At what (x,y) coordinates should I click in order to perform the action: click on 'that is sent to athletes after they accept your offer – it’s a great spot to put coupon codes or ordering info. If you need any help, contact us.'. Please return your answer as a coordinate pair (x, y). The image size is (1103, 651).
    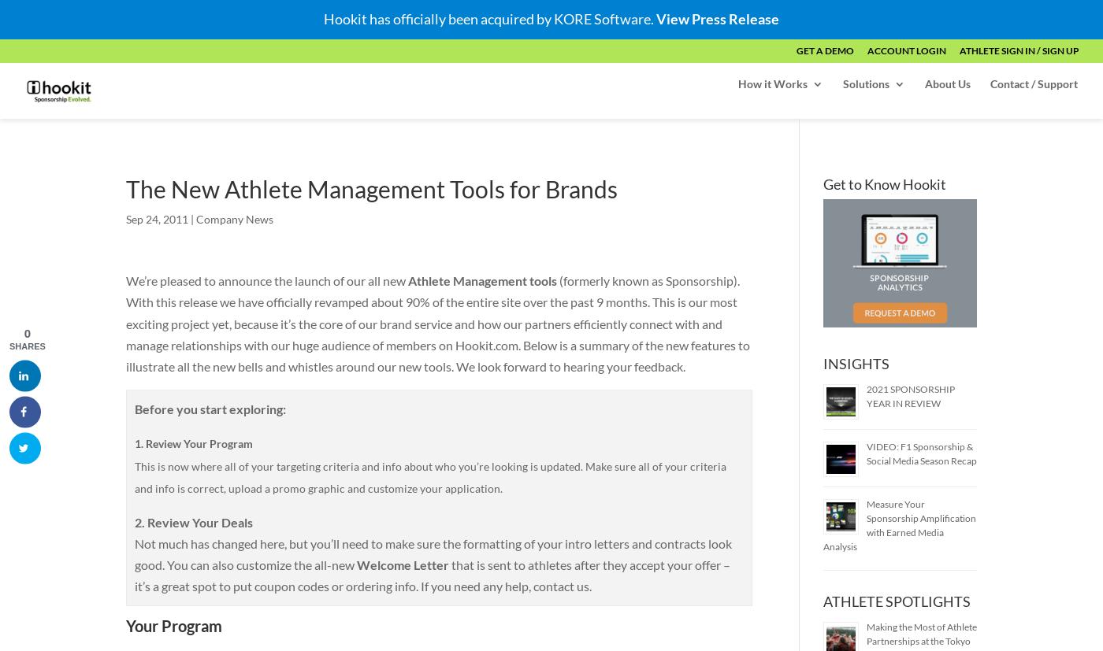
    Looking at the image, I should click on (432, 575).